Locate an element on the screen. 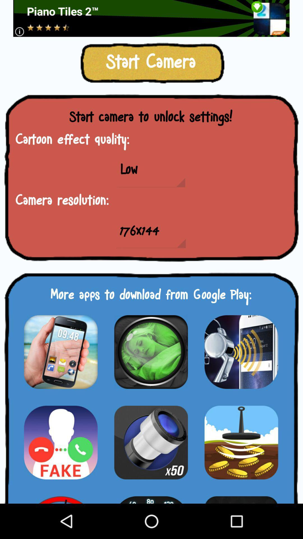  app to download is located at coordinates (241, 496).